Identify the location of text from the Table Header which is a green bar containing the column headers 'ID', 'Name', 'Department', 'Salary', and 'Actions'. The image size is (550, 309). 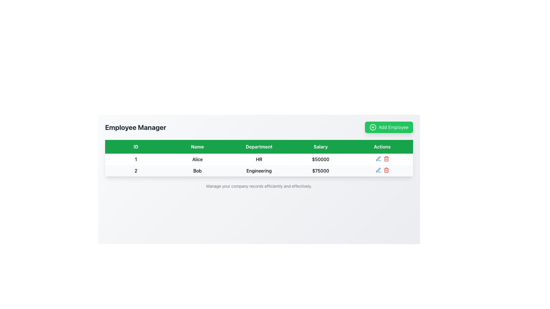
(259, 146).